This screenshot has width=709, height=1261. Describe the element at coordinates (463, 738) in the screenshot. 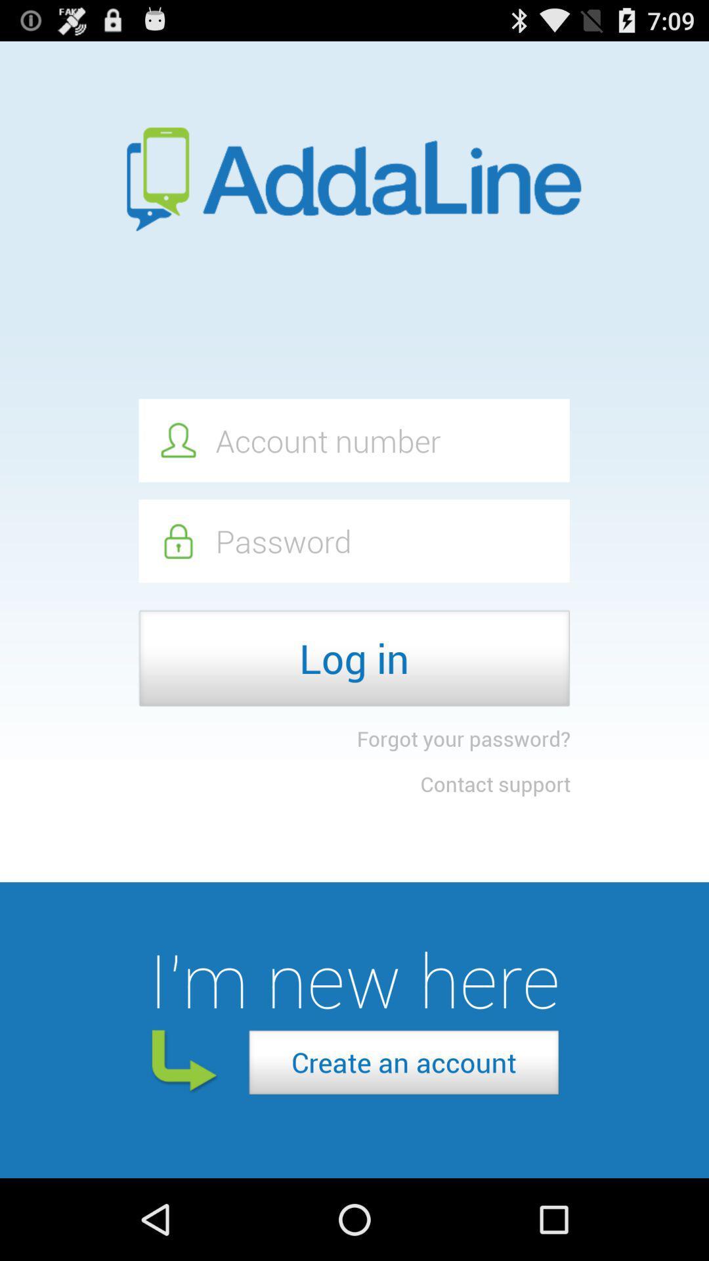

I see `item above contact support` at that location.